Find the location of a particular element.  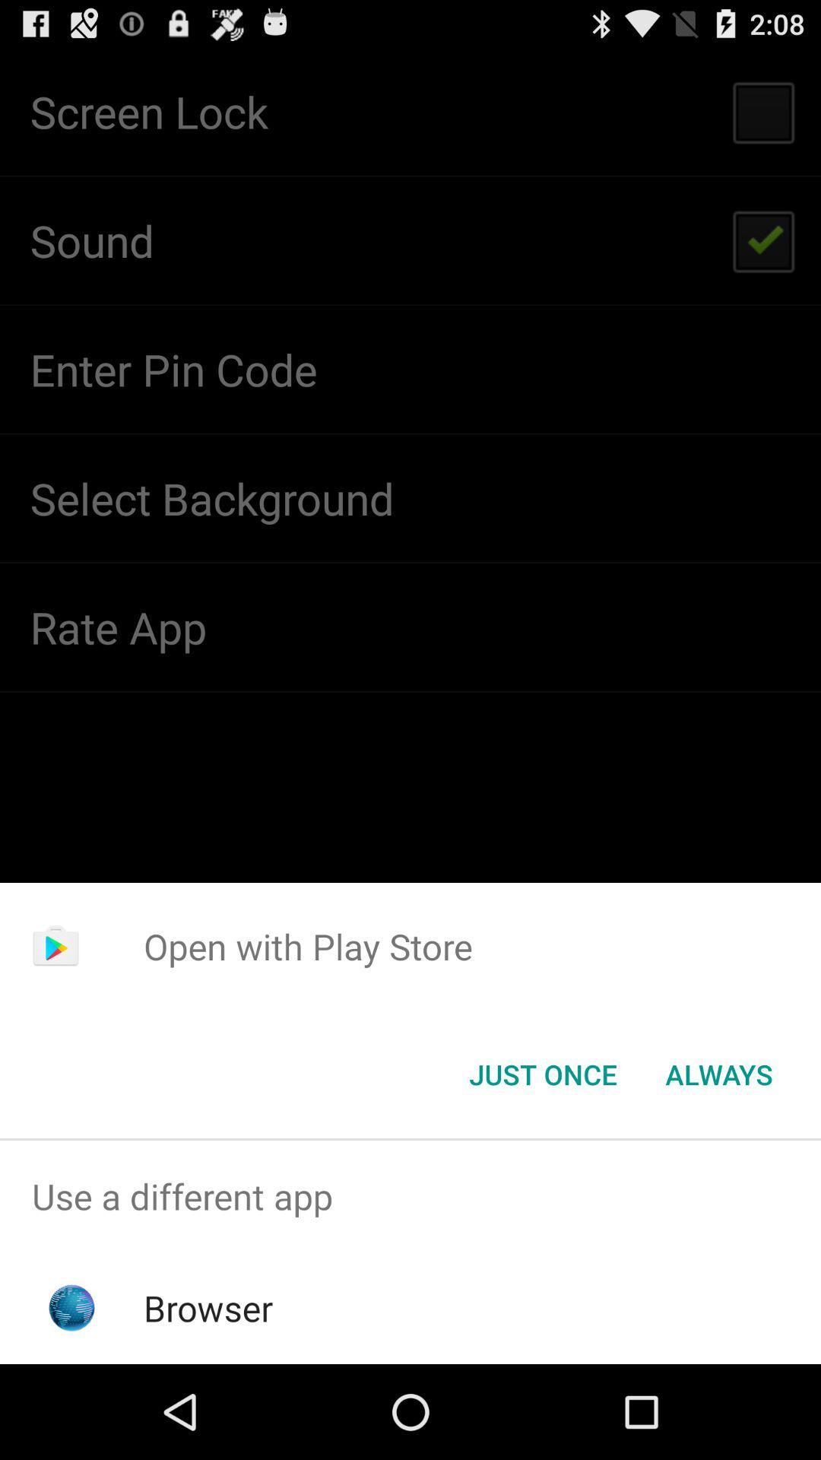

use a different is located at coordinates (410, 1195).